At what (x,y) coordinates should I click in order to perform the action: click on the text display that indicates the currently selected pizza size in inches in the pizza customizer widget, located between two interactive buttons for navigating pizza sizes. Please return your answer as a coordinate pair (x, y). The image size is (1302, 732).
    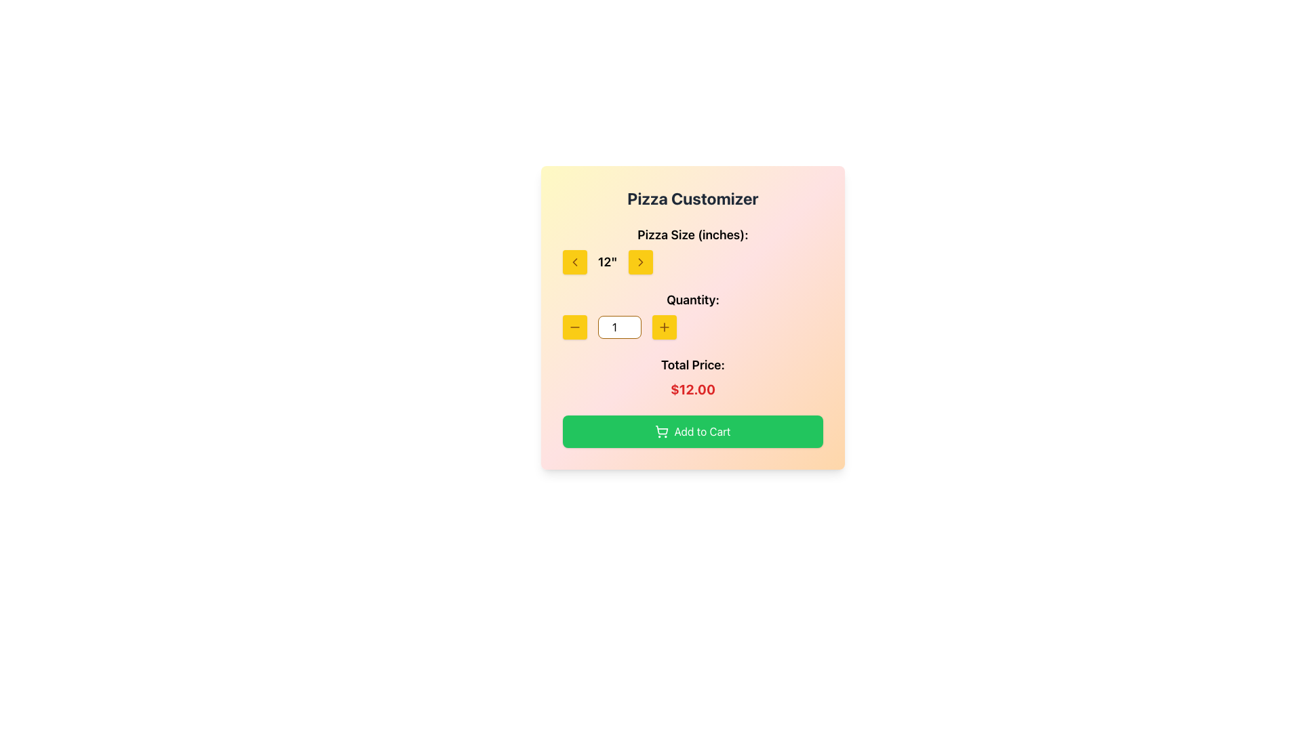
    Looking at the image, I should click on (607, 262).